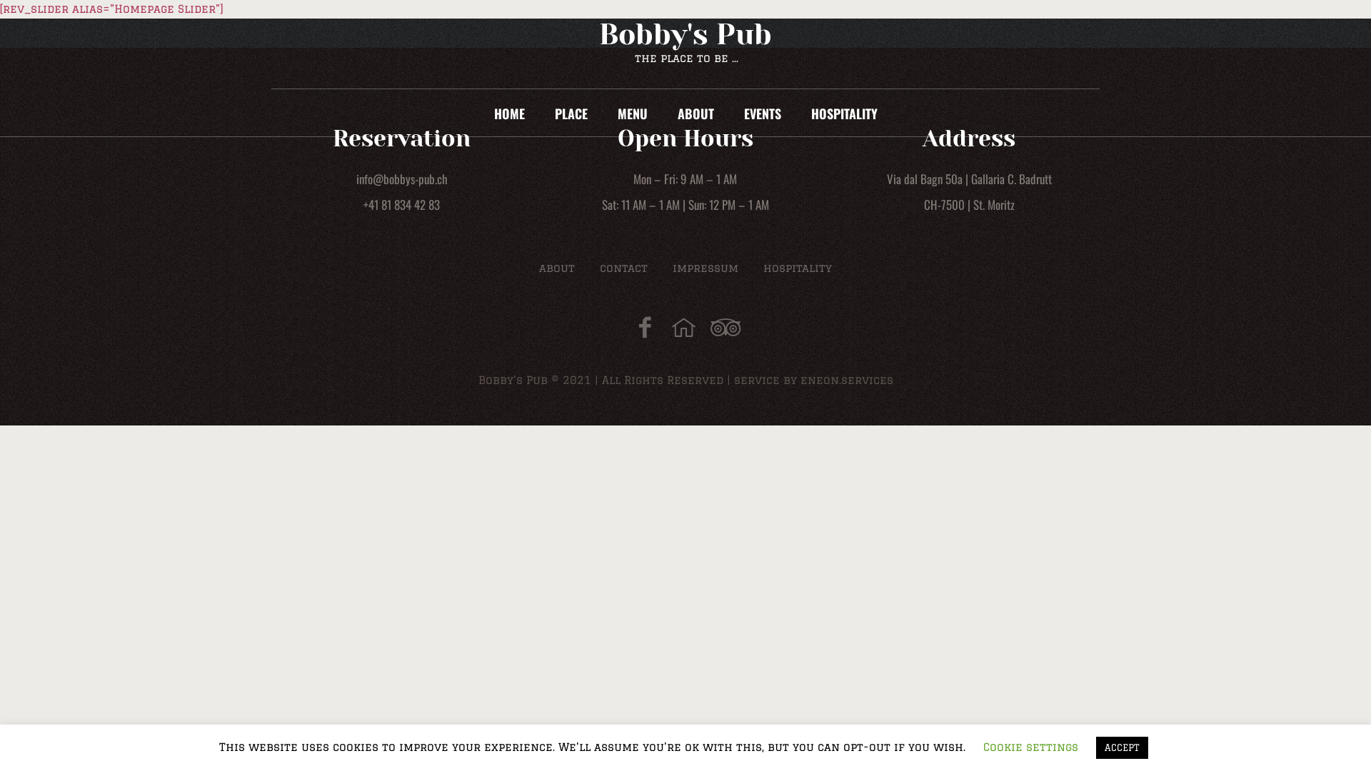 This screenshot has width=1371, height=771. What do you see at coordinates (797, 268) in the screenshot?
I see `'hospitality'` at bounding box center [797, 268].